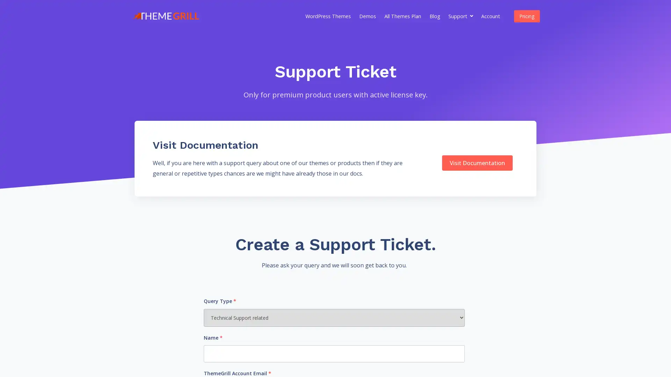 The height and width of the screenshot is (377, 671). I want to click on Visit Documentation, so click(476, 163).